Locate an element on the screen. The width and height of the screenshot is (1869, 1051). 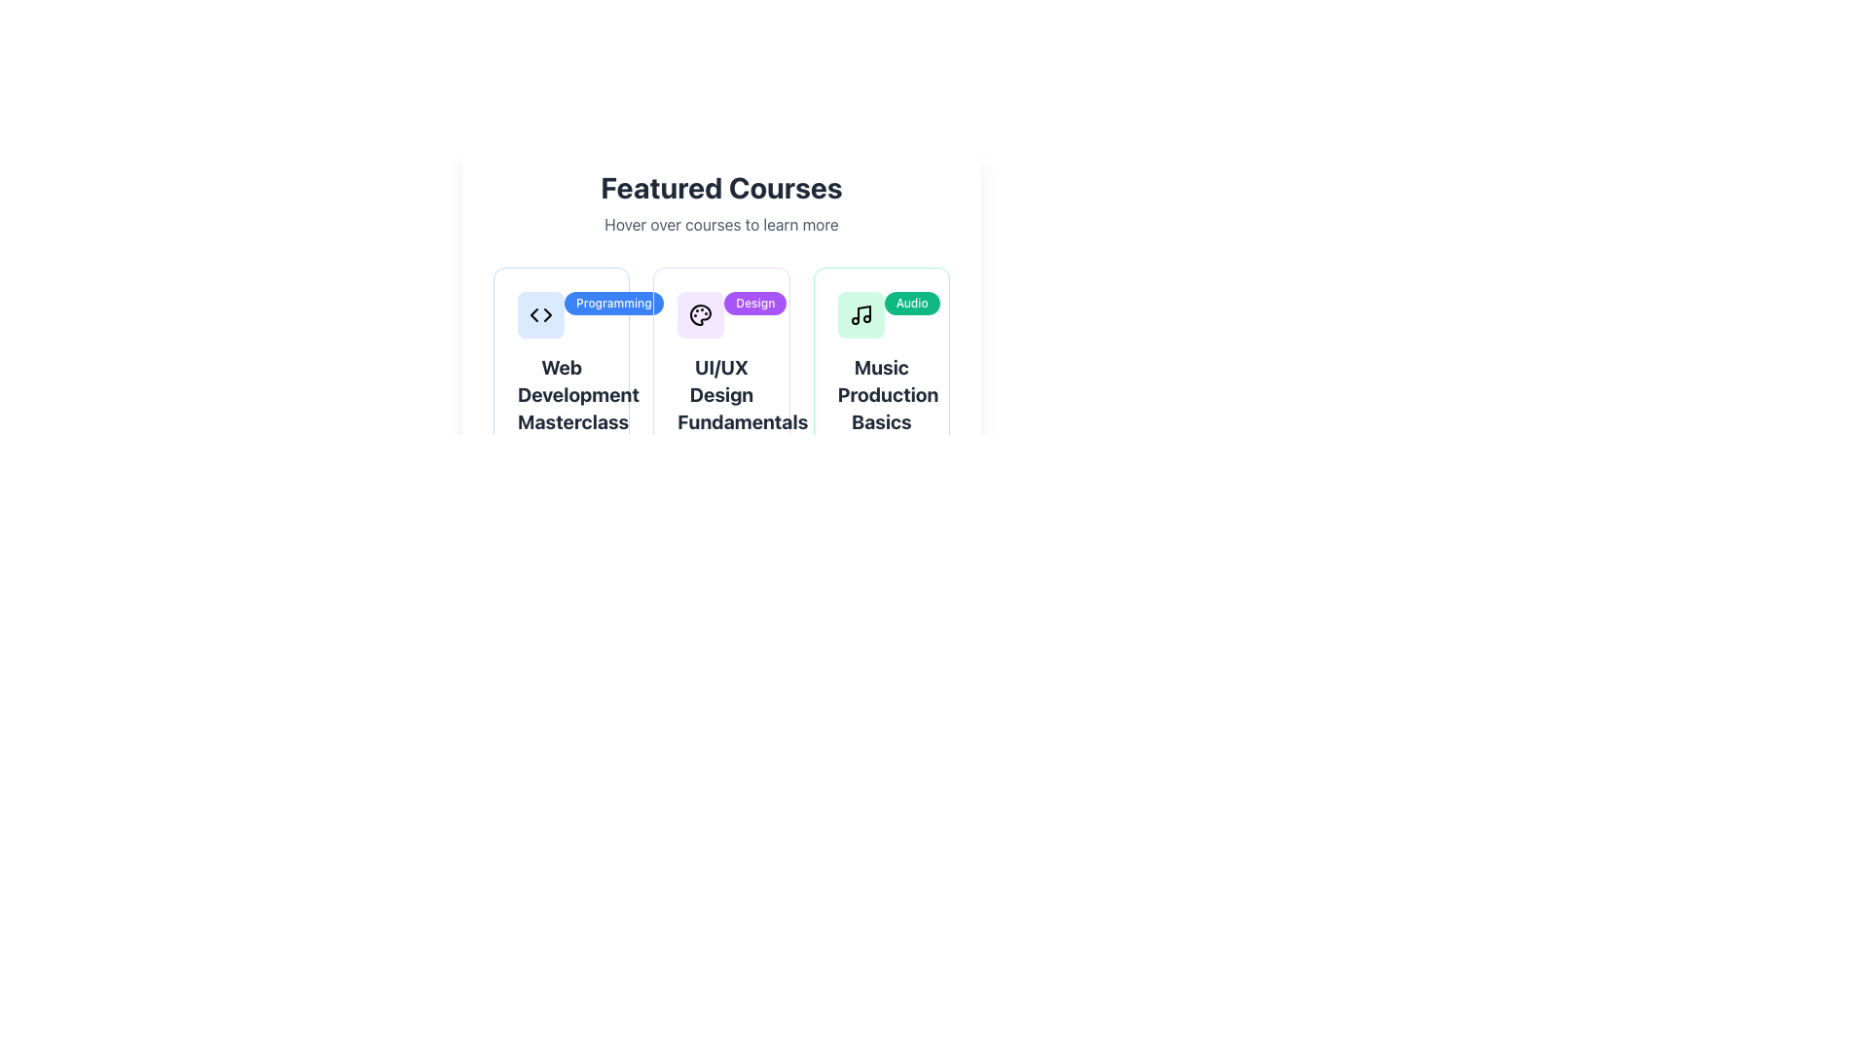
the left-pointing arrowhead icon located at the top-left corner of the 'Web Development Masterclass' card, which is the leftmost of two arrow shapes is located at coordinates (533, 314).